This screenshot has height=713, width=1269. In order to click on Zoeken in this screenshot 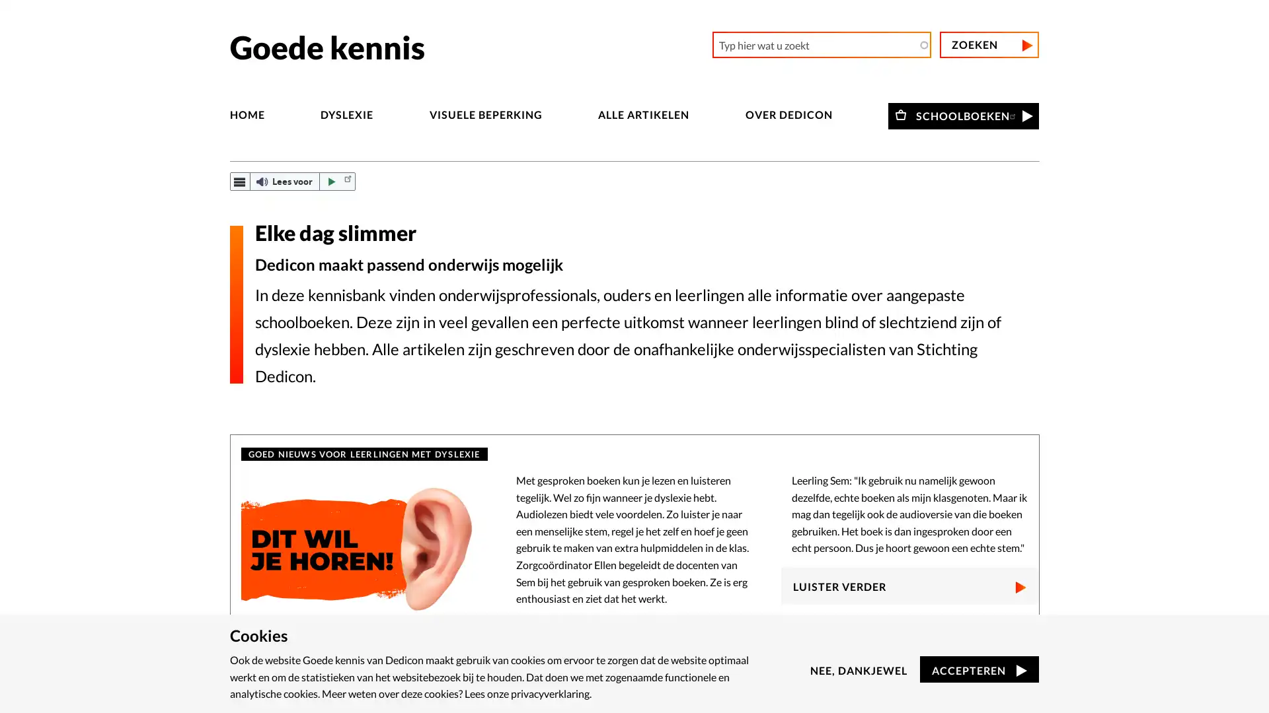, I will do `click(989, 44)`.